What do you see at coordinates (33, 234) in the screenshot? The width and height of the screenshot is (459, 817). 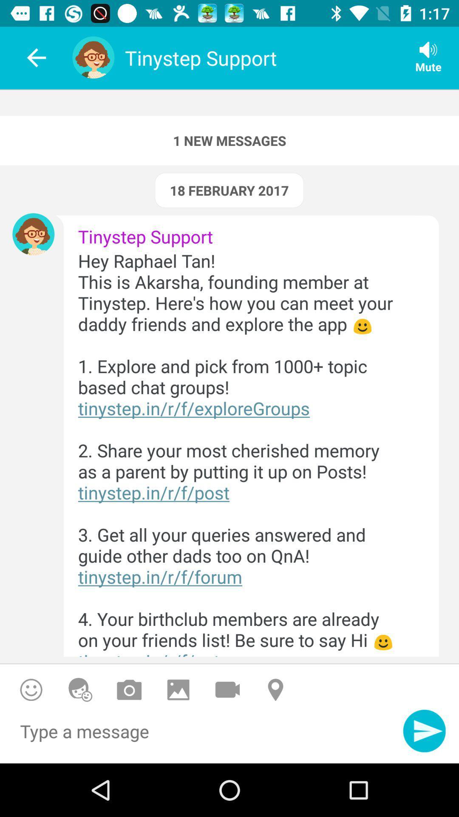 I see `tinystep support profile` at bounding box center [33, 234].